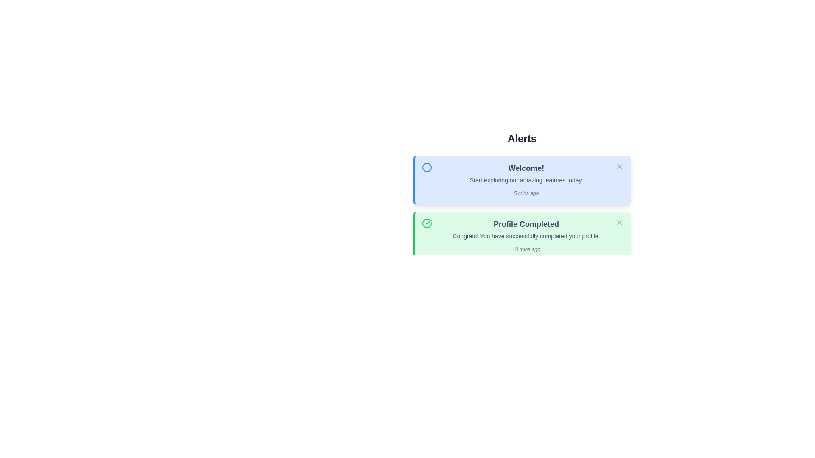  I want to click on the dismiss button of the 'Welcome!' alert, so click(619, 167).